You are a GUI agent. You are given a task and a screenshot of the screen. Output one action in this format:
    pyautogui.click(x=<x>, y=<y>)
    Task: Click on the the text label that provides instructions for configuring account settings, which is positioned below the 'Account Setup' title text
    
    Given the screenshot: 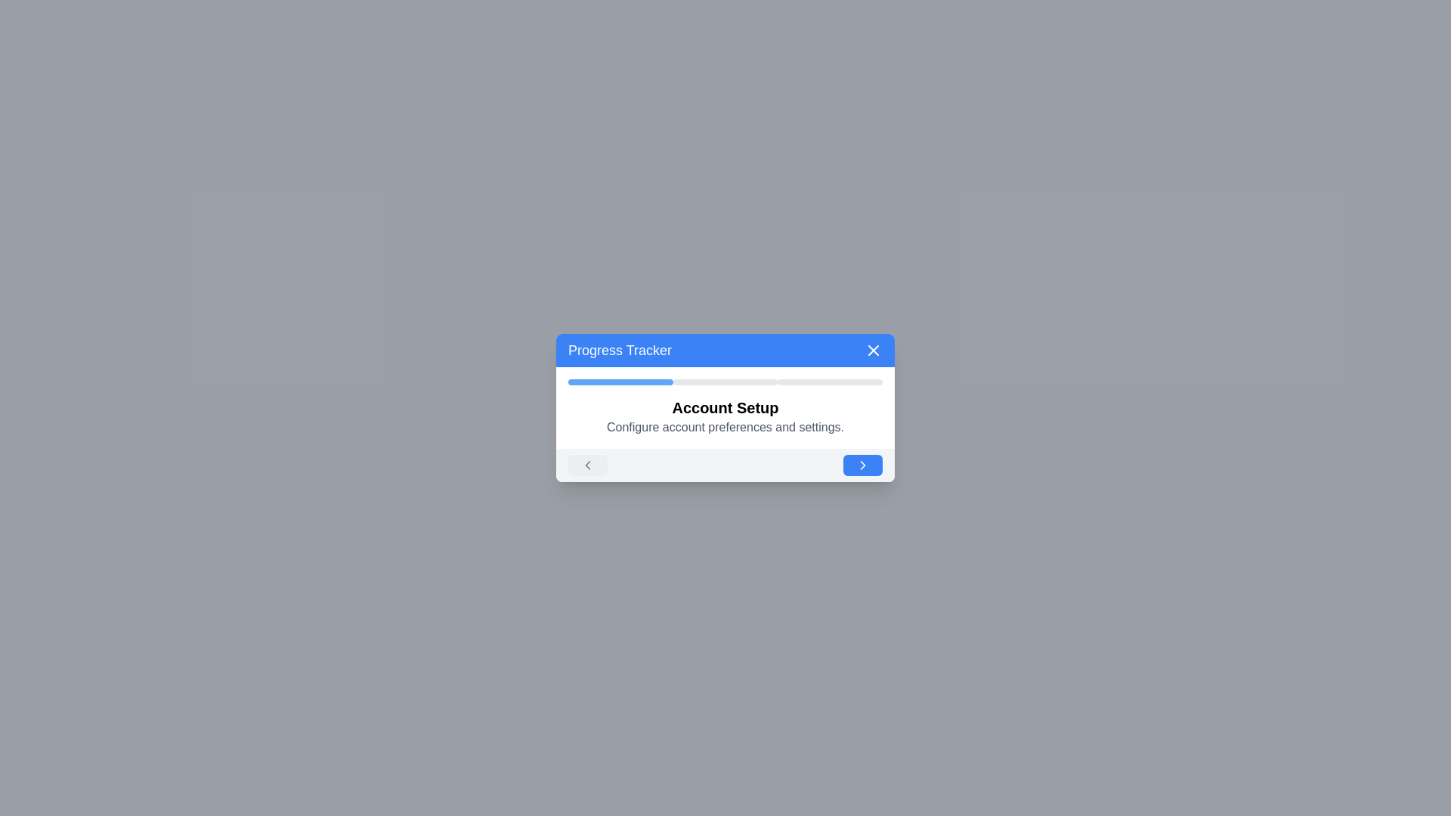 What is the action you would take?
    pyautogui.click(x=725, y=428)
    